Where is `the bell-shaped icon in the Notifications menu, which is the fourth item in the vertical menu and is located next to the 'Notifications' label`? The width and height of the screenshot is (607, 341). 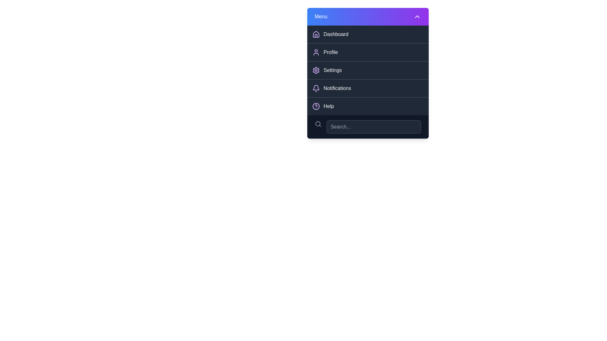
the bell-shaped icon in the Notifications menu, which is the fourth item in the vertical menu and is located next to the 'Notifications' label is located at coordinates (316, 87).